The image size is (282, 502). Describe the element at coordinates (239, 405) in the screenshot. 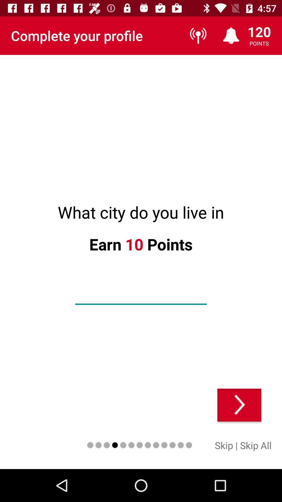

I see `next` at that location.